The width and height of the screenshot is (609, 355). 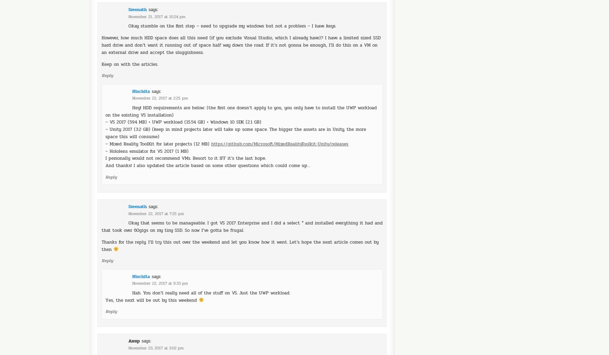 I want to click on 'https://github.com/Microsoft/MixedRealityToolkit-Unity/releases', so click(x=279, y=124).